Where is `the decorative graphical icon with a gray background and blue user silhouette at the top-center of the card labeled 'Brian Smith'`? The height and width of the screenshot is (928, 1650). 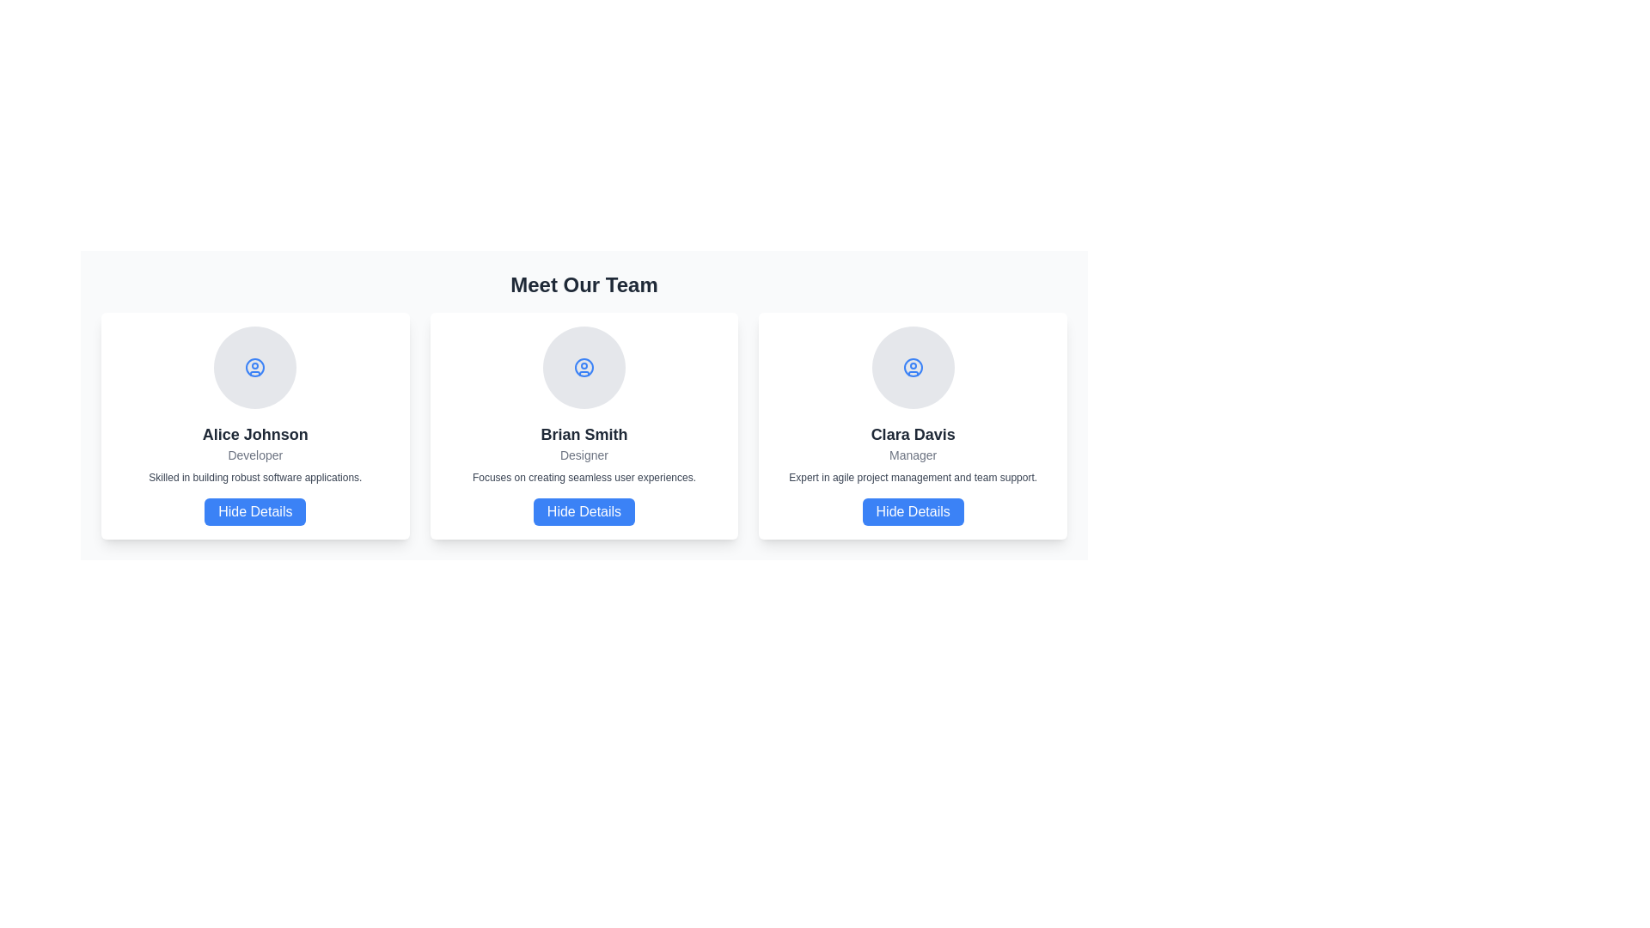
the decorative graphical icon with a gray background and blue user silhouette at the top-center of the card labeled 'Brian Smith' is located at coordinates (584, 367).